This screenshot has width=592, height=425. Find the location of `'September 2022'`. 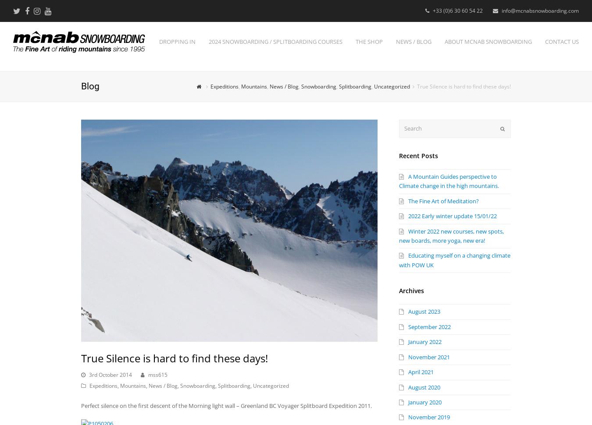

'September 2022' is located at coordinates (429, 326).